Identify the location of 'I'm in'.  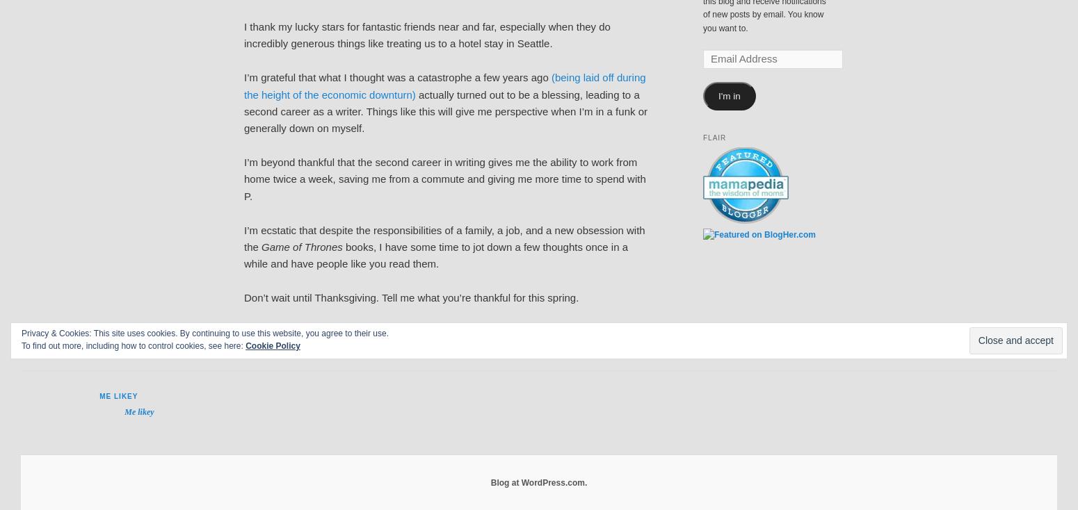
(728, 95).